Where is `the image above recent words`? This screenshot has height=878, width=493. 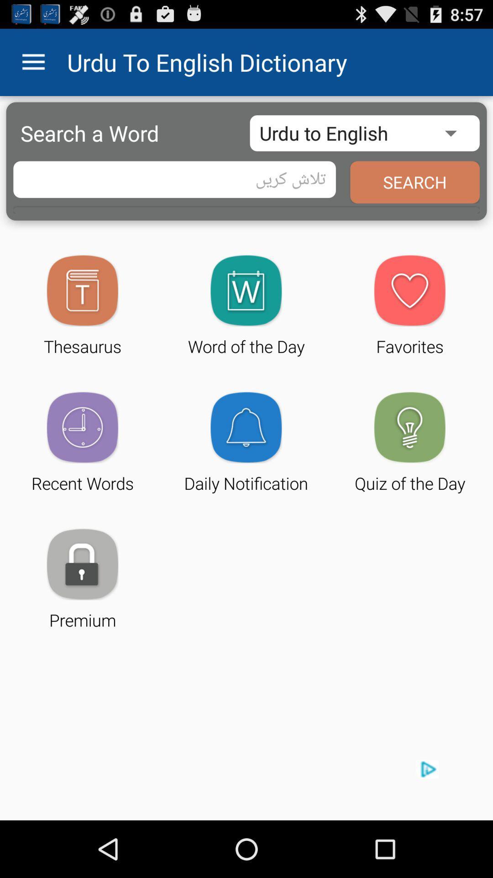
the image above recent words is located at coordinates (83, 427).